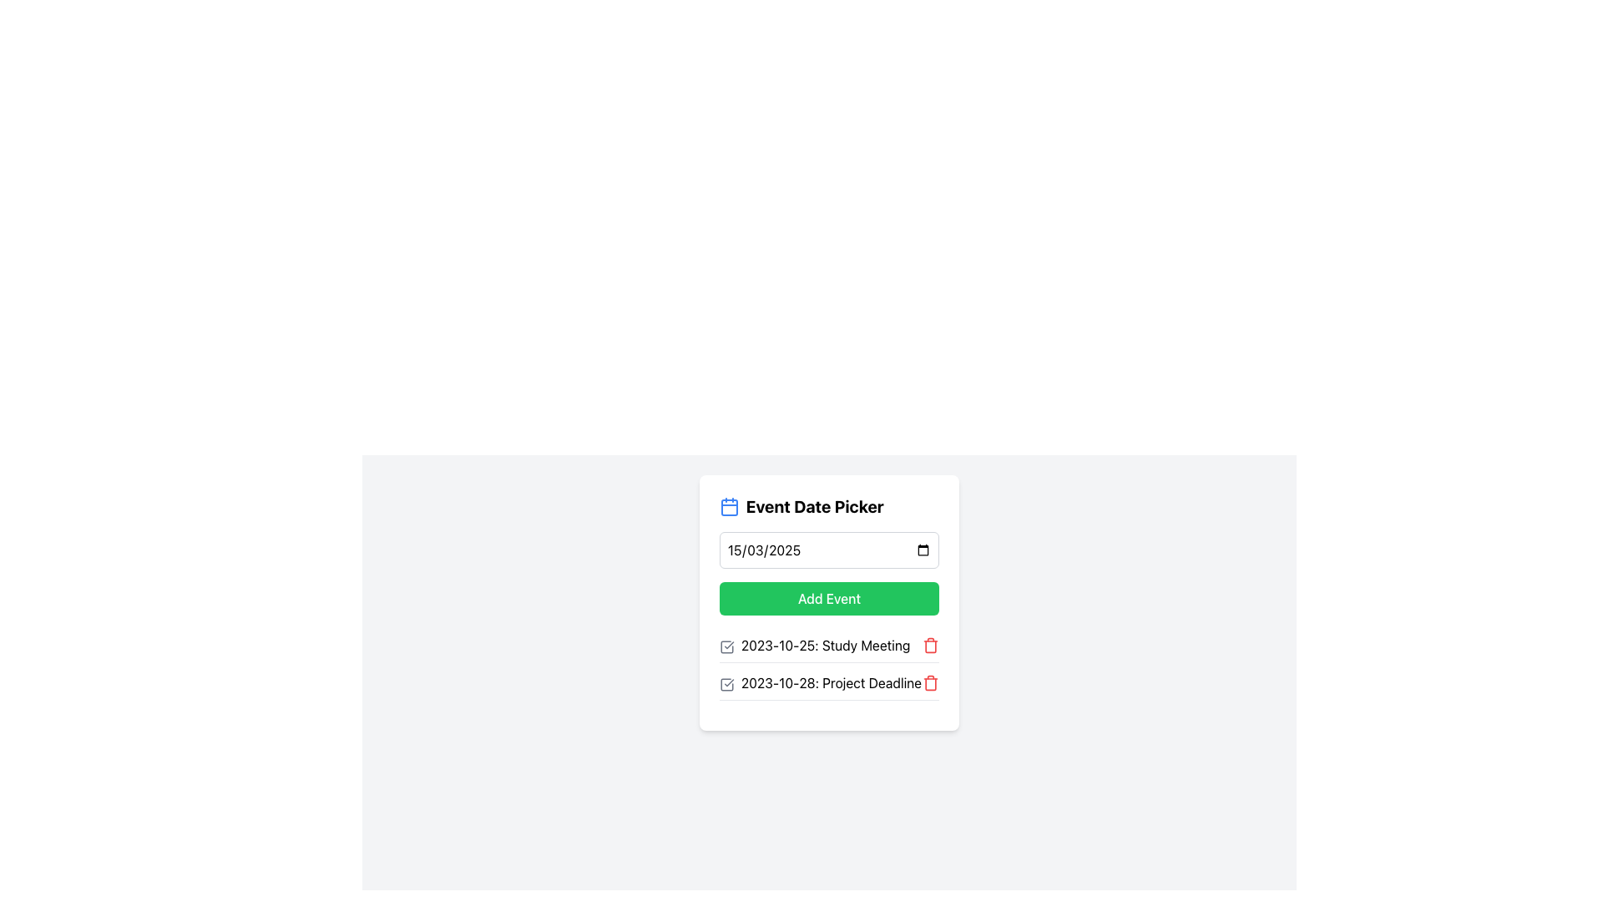 Image resolution: width=1603 pixels, height=902 pixels. What do you see at coordinates (829, 602) in the screenshot?
I see `the button that adds an event to the scheduler, located centrally beneath the date input field and above the listed events` at bounding box center [829, 602].